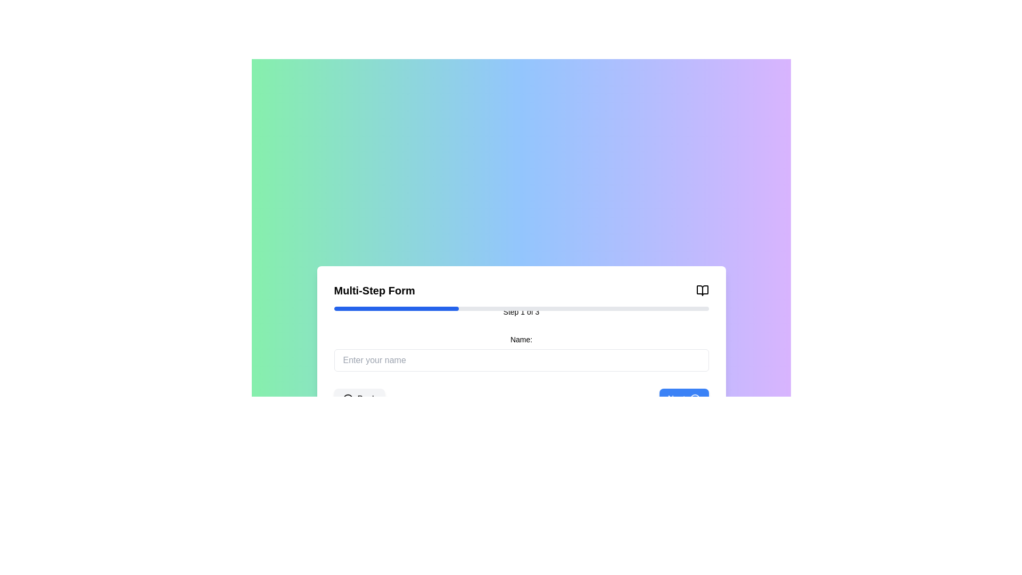  I want to click on the progress bar located below the heading 'Multi-Step Form' and above 'Step 1 of 3' to indicate the current step in the multi-step process, so click(521, 308).